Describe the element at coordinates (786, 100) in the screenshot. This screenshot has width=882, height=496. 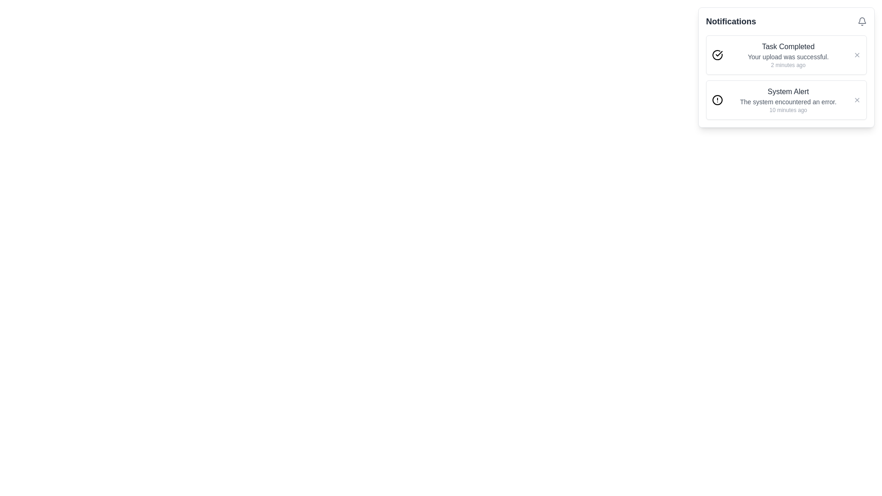
I see `error message from the notification card located directly beneath the 'Task Completed' notification in the notification panel` at that location.